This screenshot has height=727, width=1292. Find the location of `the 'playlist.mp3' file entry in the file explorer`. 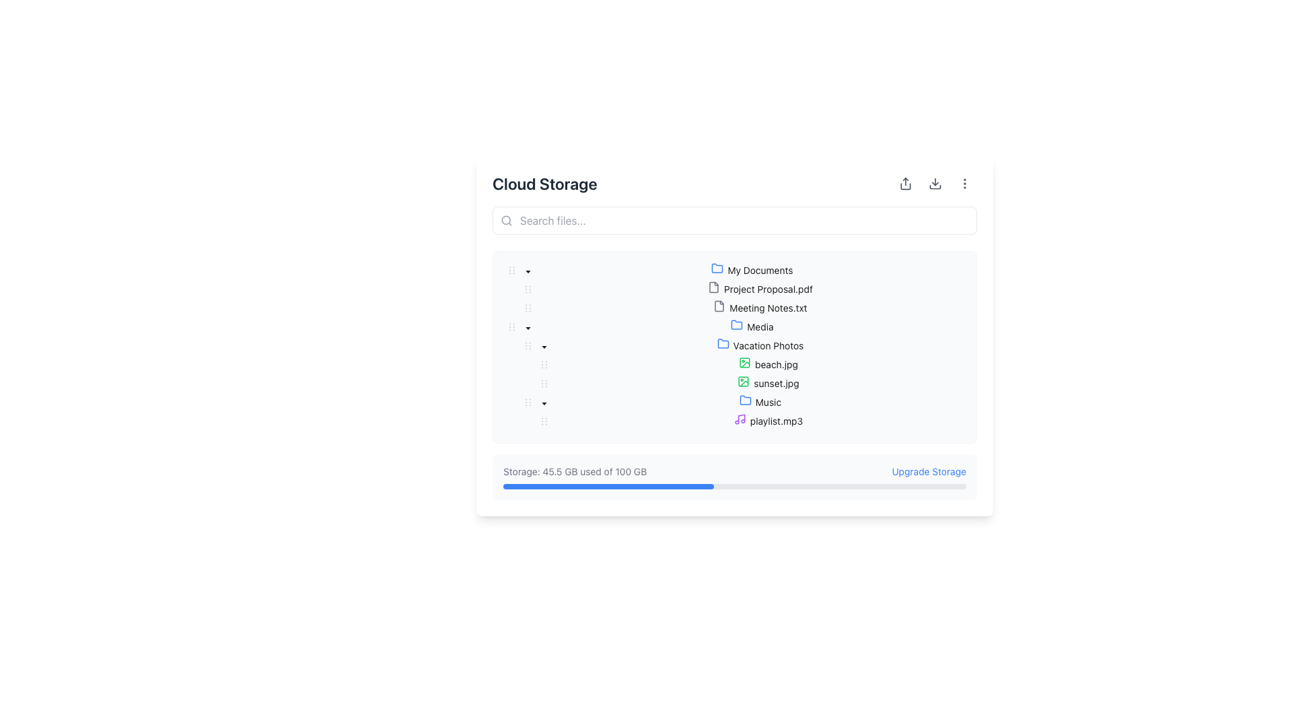

the 'playlist.mp3' file entry in the file explorer is located at coordinates (733, 420).